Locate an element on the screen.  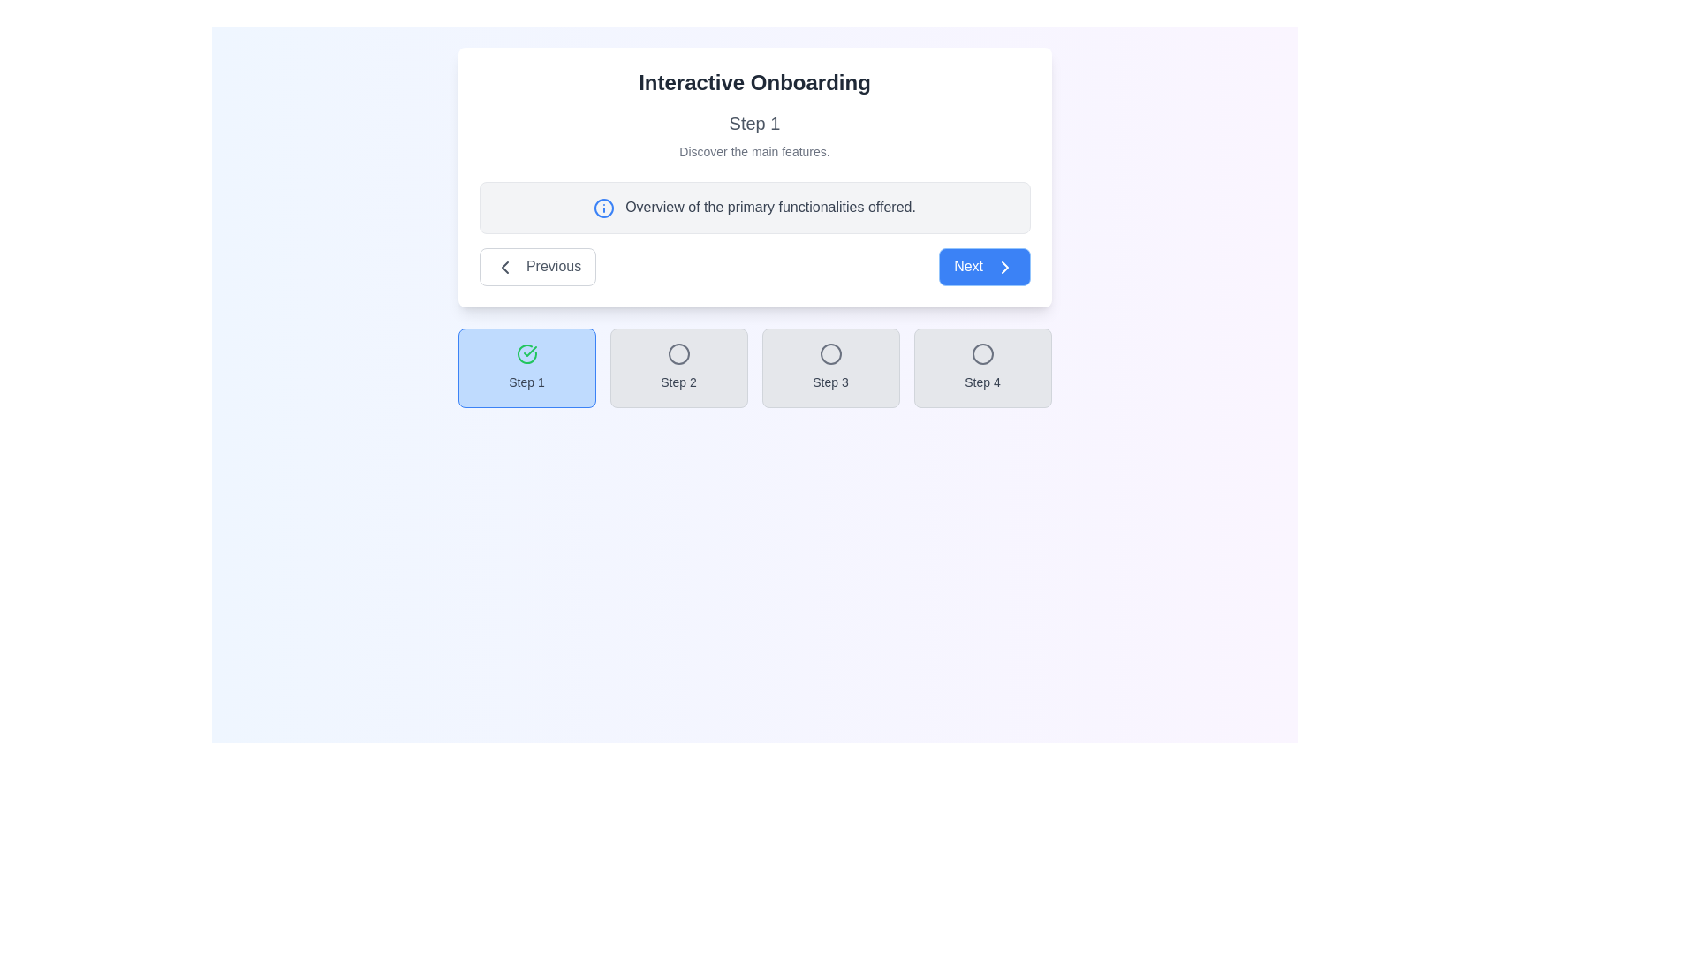
the button labeled 'Step 1', which has a green outlined circle with a checkmark and a light blue background is located at coordinates (526, 367).